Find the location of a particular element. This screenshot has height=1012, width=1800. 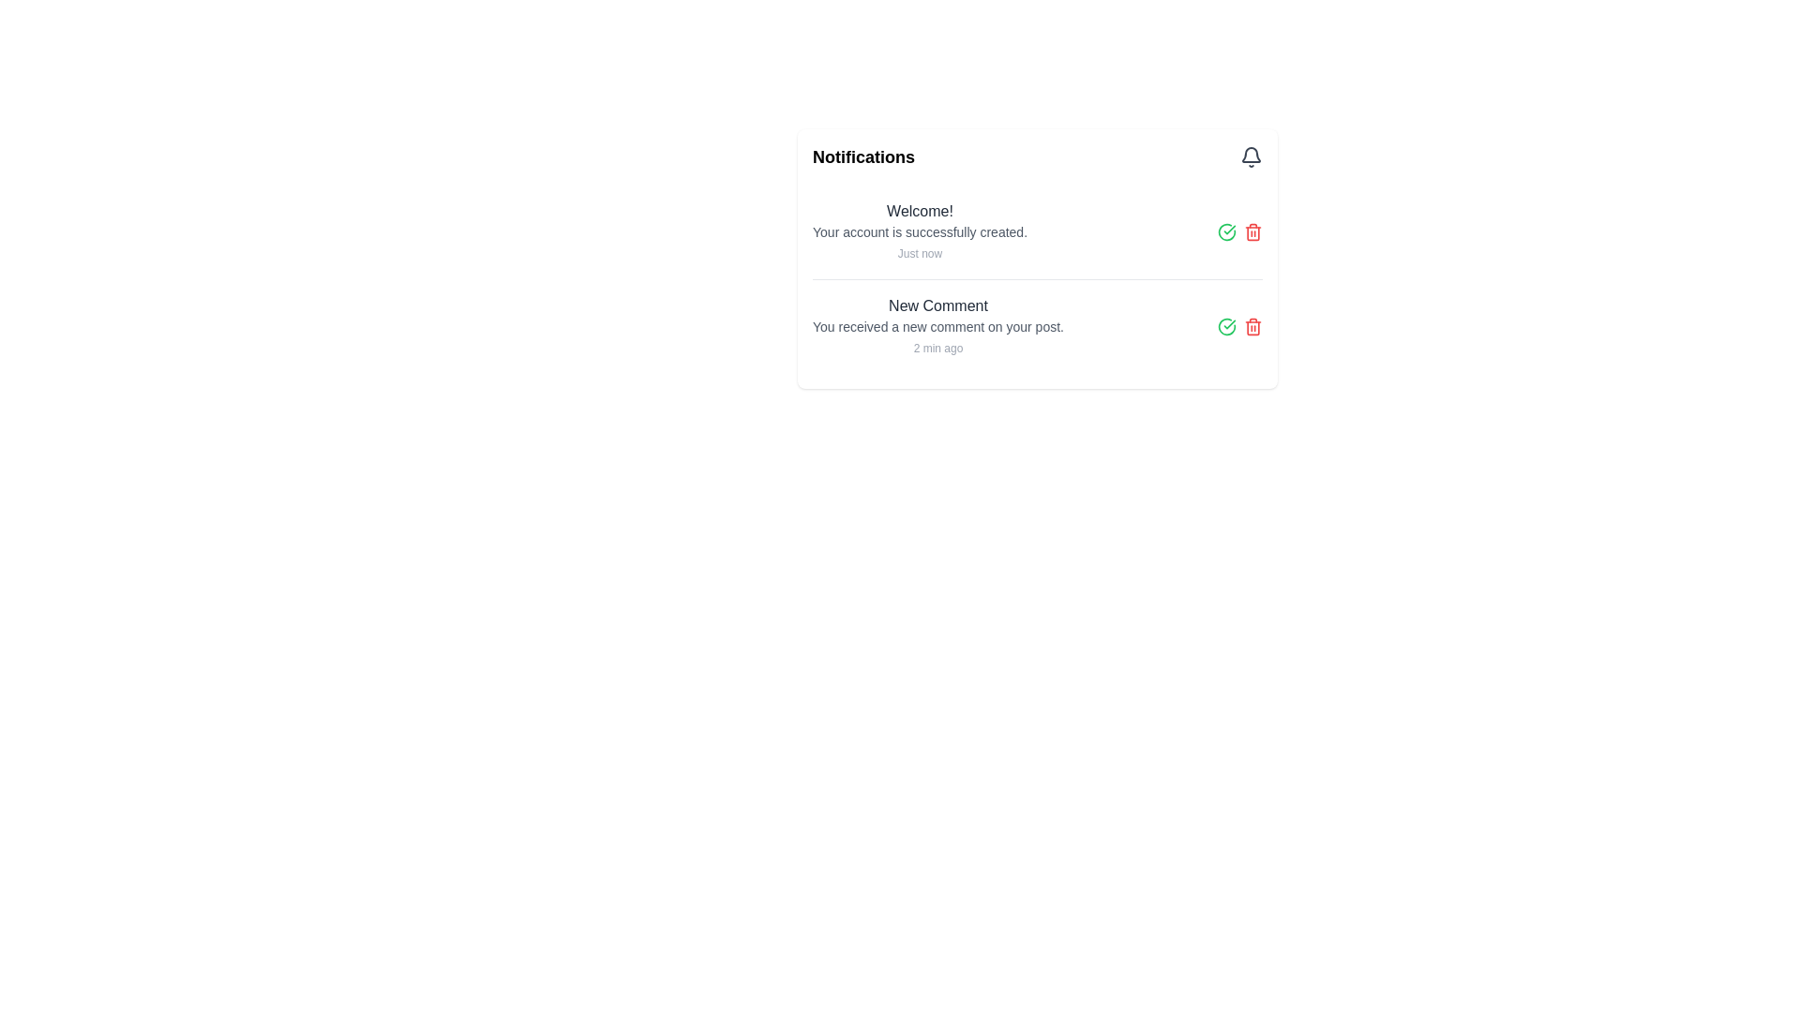

the green circular button containing a checkmark to confirm or mark the notification entry 'Welcome!' as complete is located at coordinates (1227, 231).